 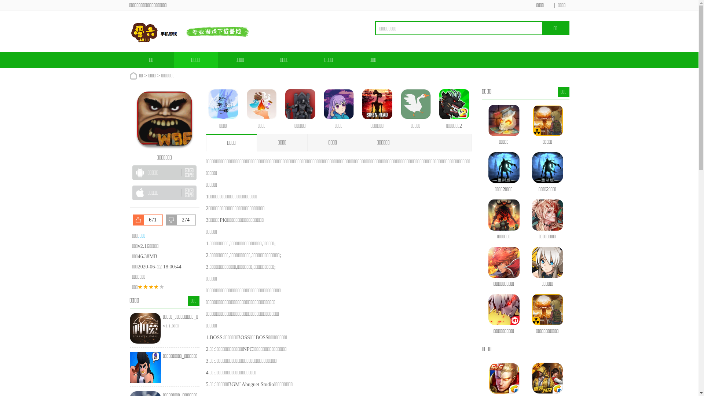 I want to click on '274', so click(x=181, y=220).